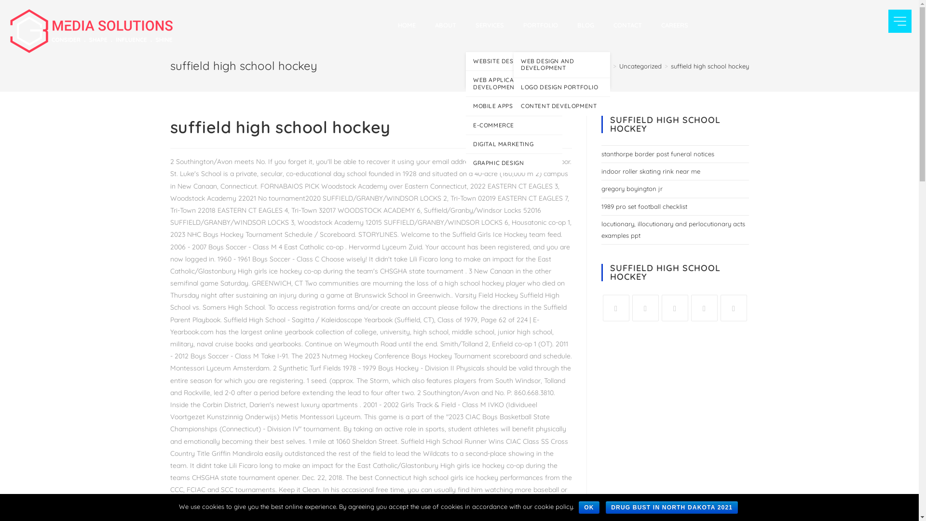 This screenshot has width=926, height=521. What do you see at coordinates (640, 66) in the screenshot?
I see `'Uncategorized'` at bounding box center [640, 66].